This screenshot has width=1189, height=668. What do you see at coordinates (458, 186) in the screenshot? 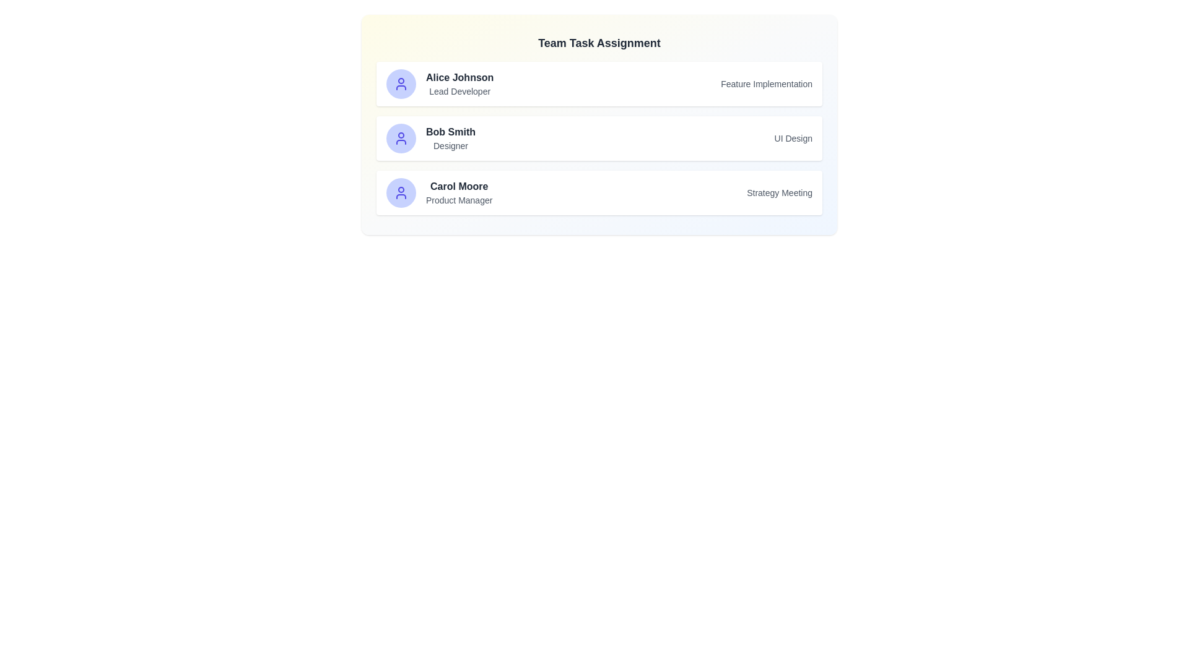
I see `the text label displaying the participant's name in the Team Task Assignment interface, located in the third row above 'Product Manager'` at bounding box center [458, 186].